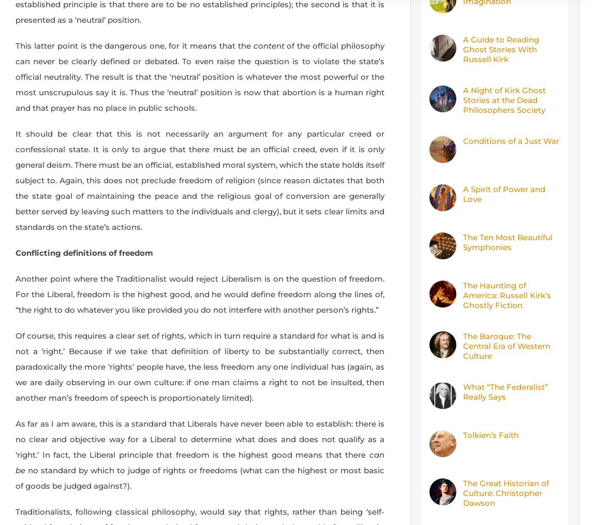 Image resolution: width=595 pixels, height=525 pixels. What do you see at coordinates (242, 149) in the screenshot?
I see `'be'` at bounding box center [242, 149].